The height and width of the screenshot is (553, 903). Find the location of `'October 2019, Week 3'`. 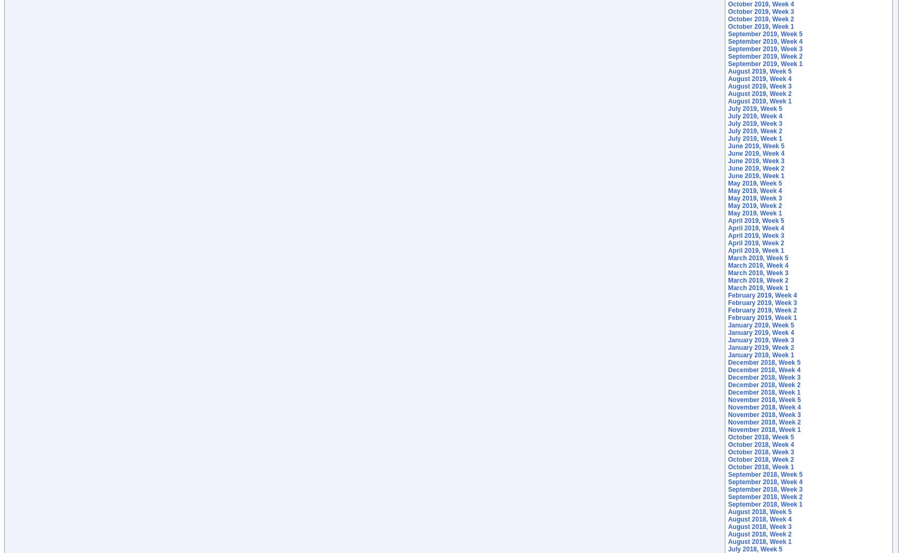

'October 2019, Week 3' is located at coordinates (761, 11).